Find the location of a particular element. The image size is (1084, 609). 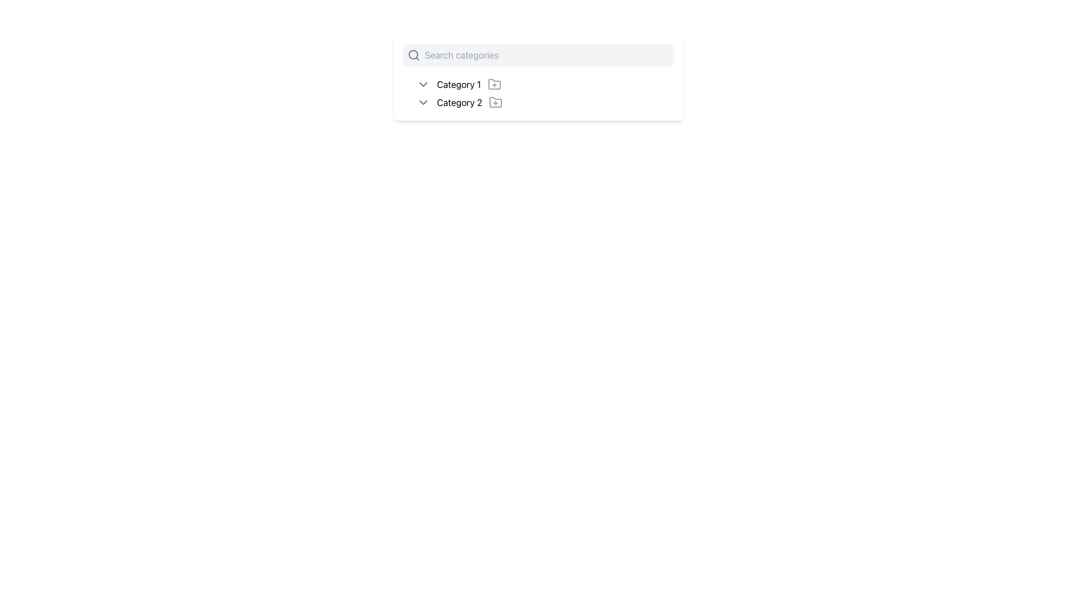

the Icon Button located to the right of 'Category 2' is located at coordinates (496, 102).